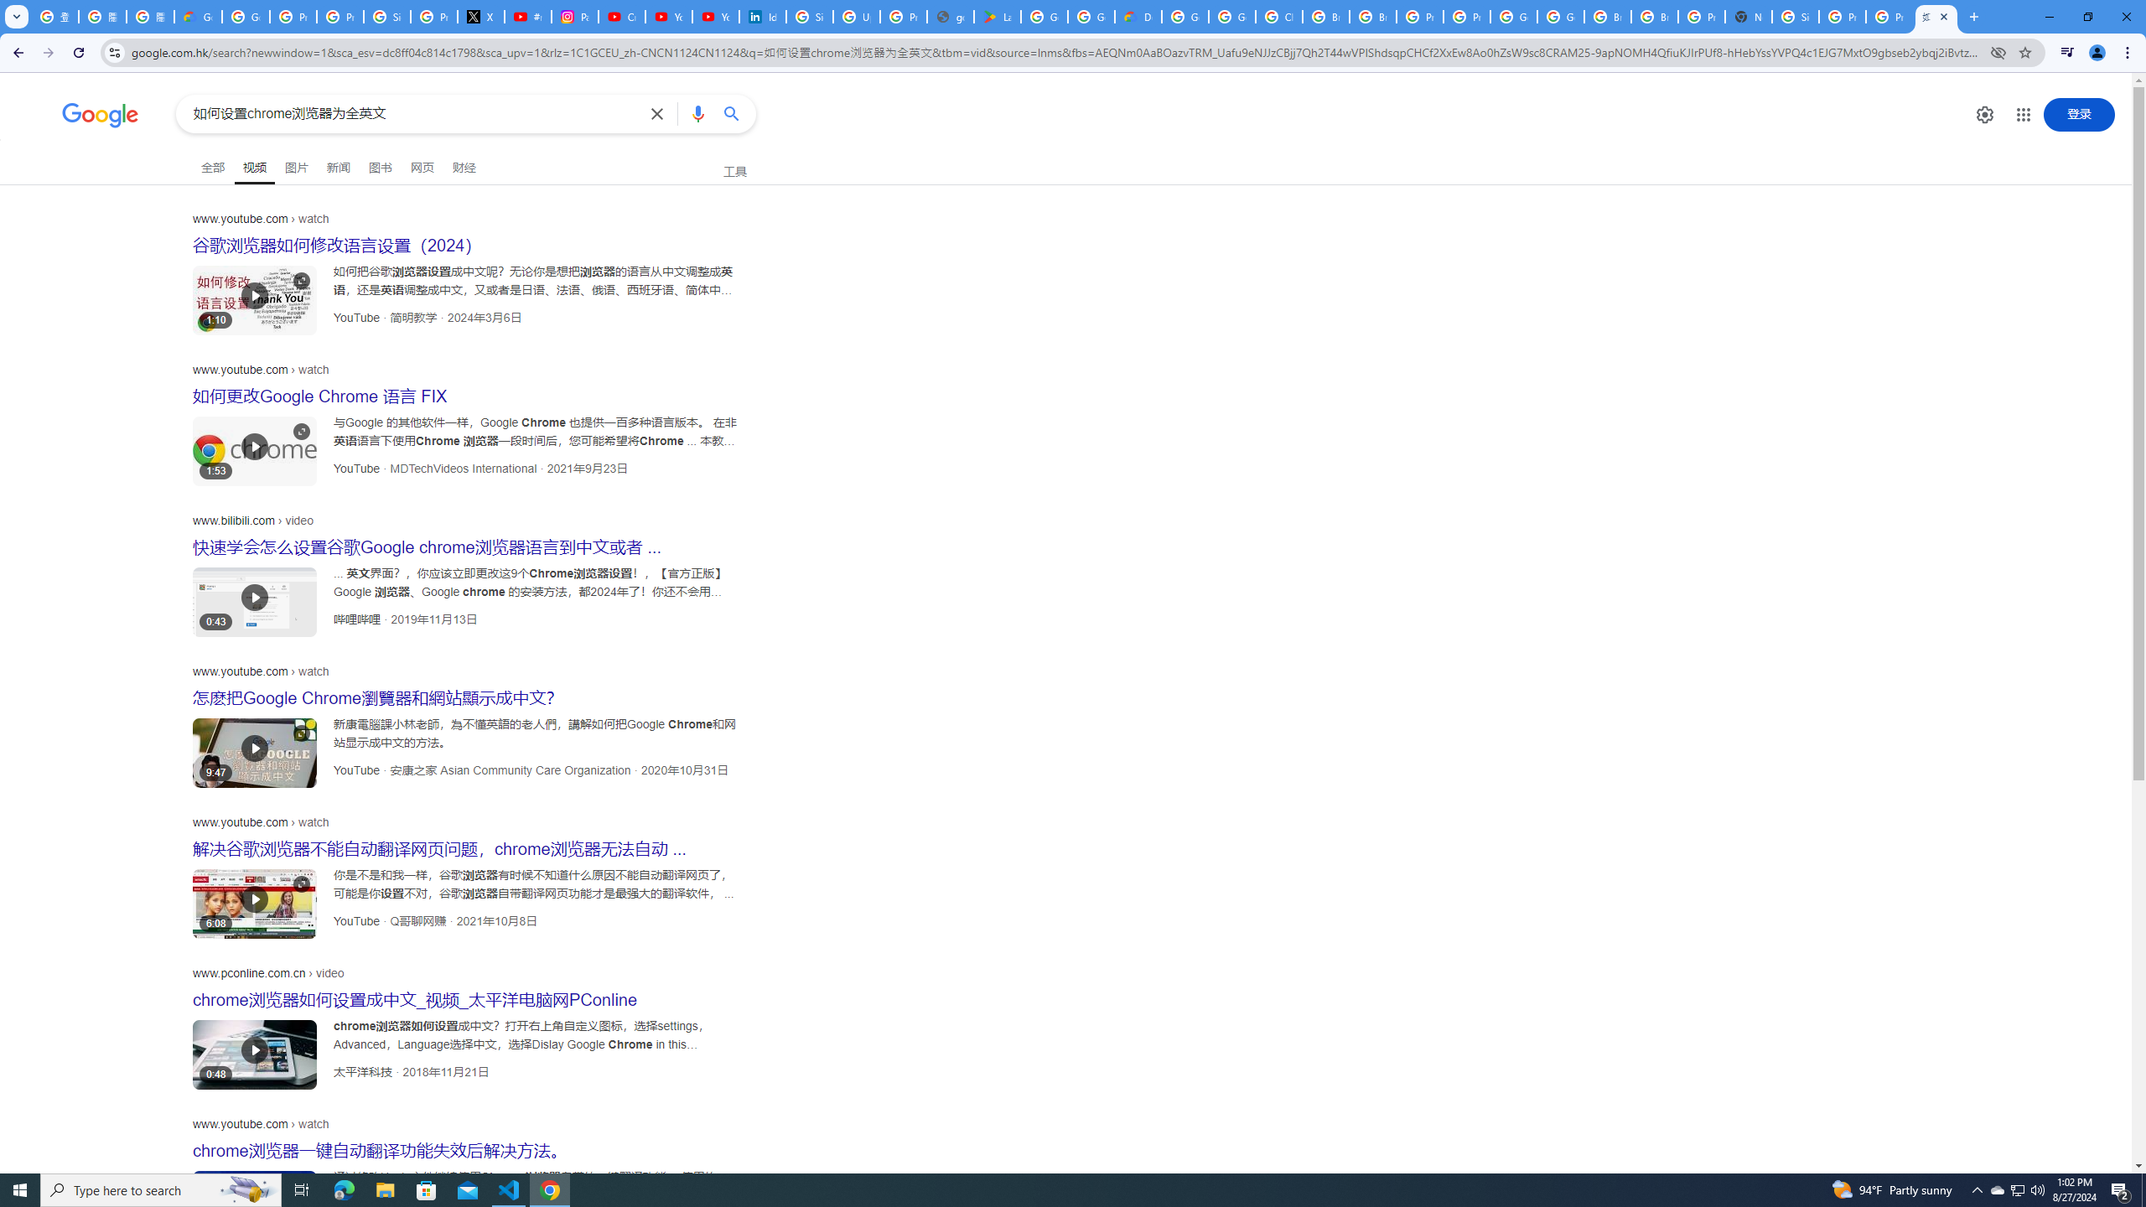 The width and height of the screenshot is (2146, 1207). What do you see at coordinates (481, 16) in the screenshot?
I see `'X'` at bounding box center [481, 16].